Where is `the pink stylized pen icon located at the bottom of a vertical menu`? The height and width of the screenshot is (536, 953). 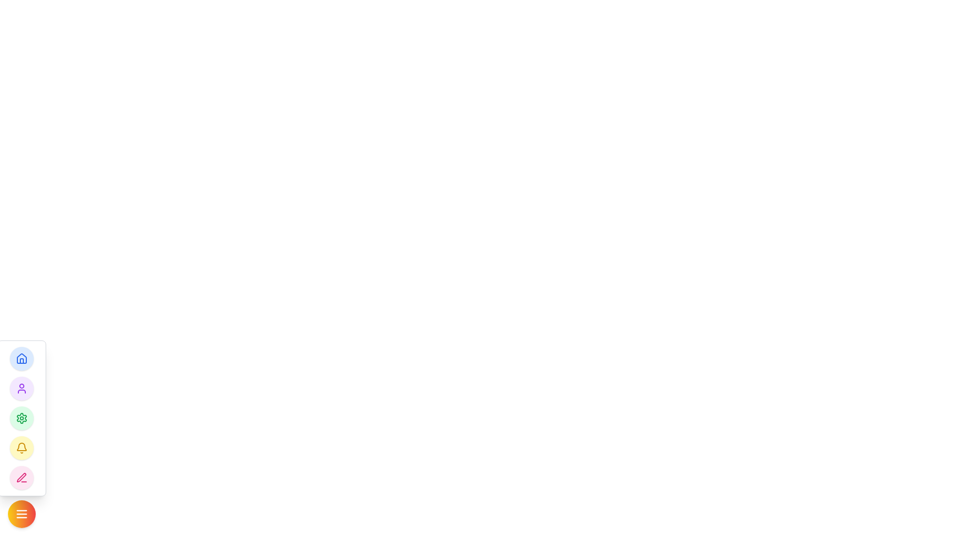 the pink stylized pen icon located at the bottom of a vertical menu is located at coordinates (21, 477).